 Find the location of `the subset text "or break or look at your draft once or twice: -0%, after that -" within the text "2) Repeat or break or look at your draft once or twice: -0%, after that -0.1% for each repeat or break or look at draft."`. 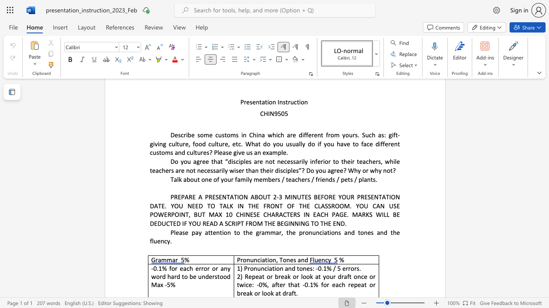

the subset text "or break or look at your draft once or twice: -0%, after that -" within the text "2) Repeat or break or look at your draft once or twice: -0%, after that -0.1% for each repeat or break or look at draft." is located at coordinates (266, 276).